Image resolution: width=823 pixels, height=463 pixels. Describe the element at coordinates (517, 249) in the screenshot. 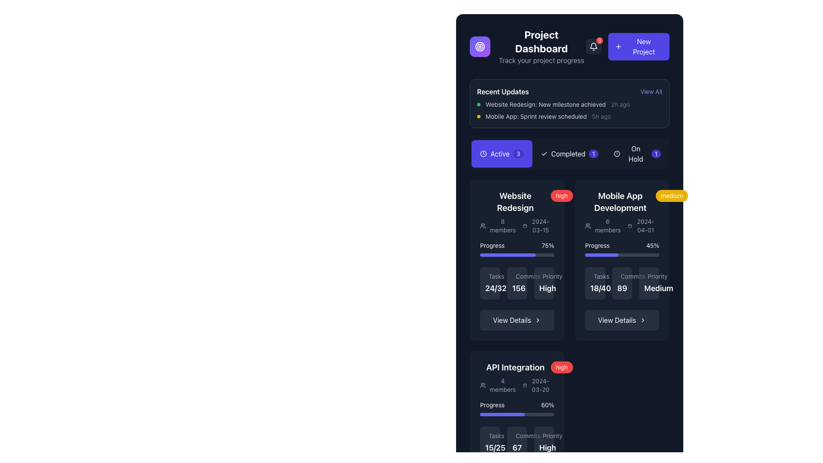

I see `progress percentage from the Progress bar located in the 'Website Redesign' project card within the 'Active Projects' section` at that location.